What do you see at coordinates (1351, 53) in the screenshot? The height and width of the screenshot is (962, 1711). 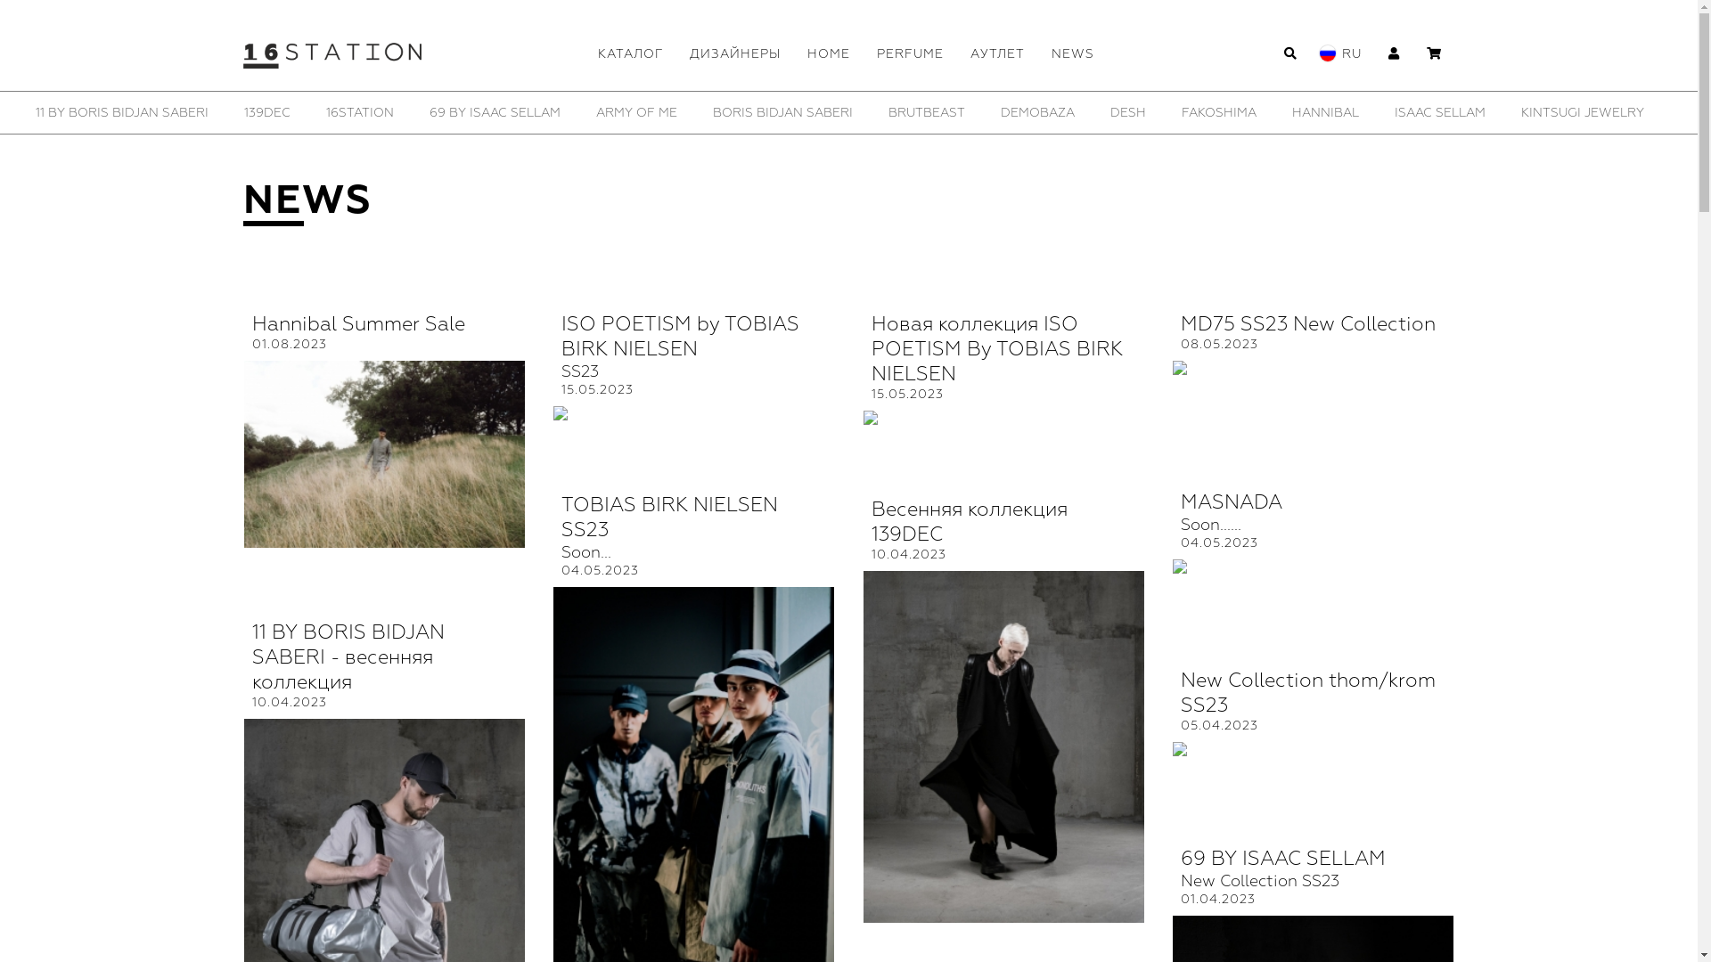 I see `'RU'` at bounding box center [1351, 53].